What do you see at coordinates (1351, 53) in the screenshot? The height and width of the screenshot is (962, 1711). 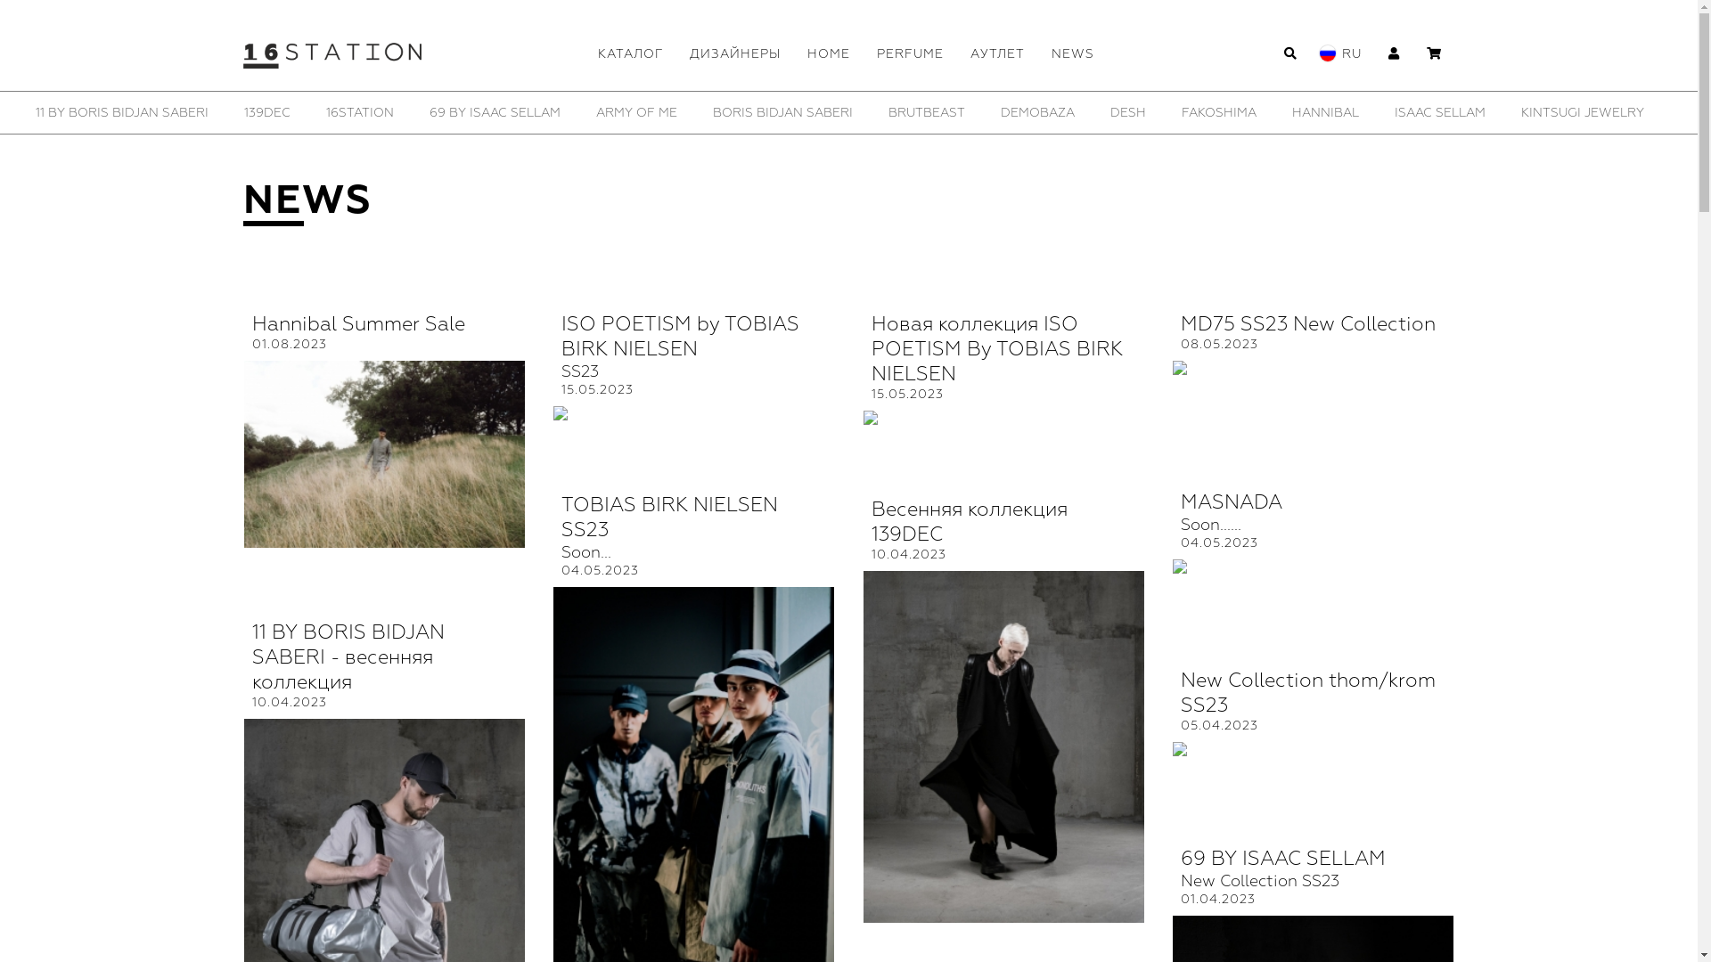 I see `'RU'` at bounding box center [1351, 53].